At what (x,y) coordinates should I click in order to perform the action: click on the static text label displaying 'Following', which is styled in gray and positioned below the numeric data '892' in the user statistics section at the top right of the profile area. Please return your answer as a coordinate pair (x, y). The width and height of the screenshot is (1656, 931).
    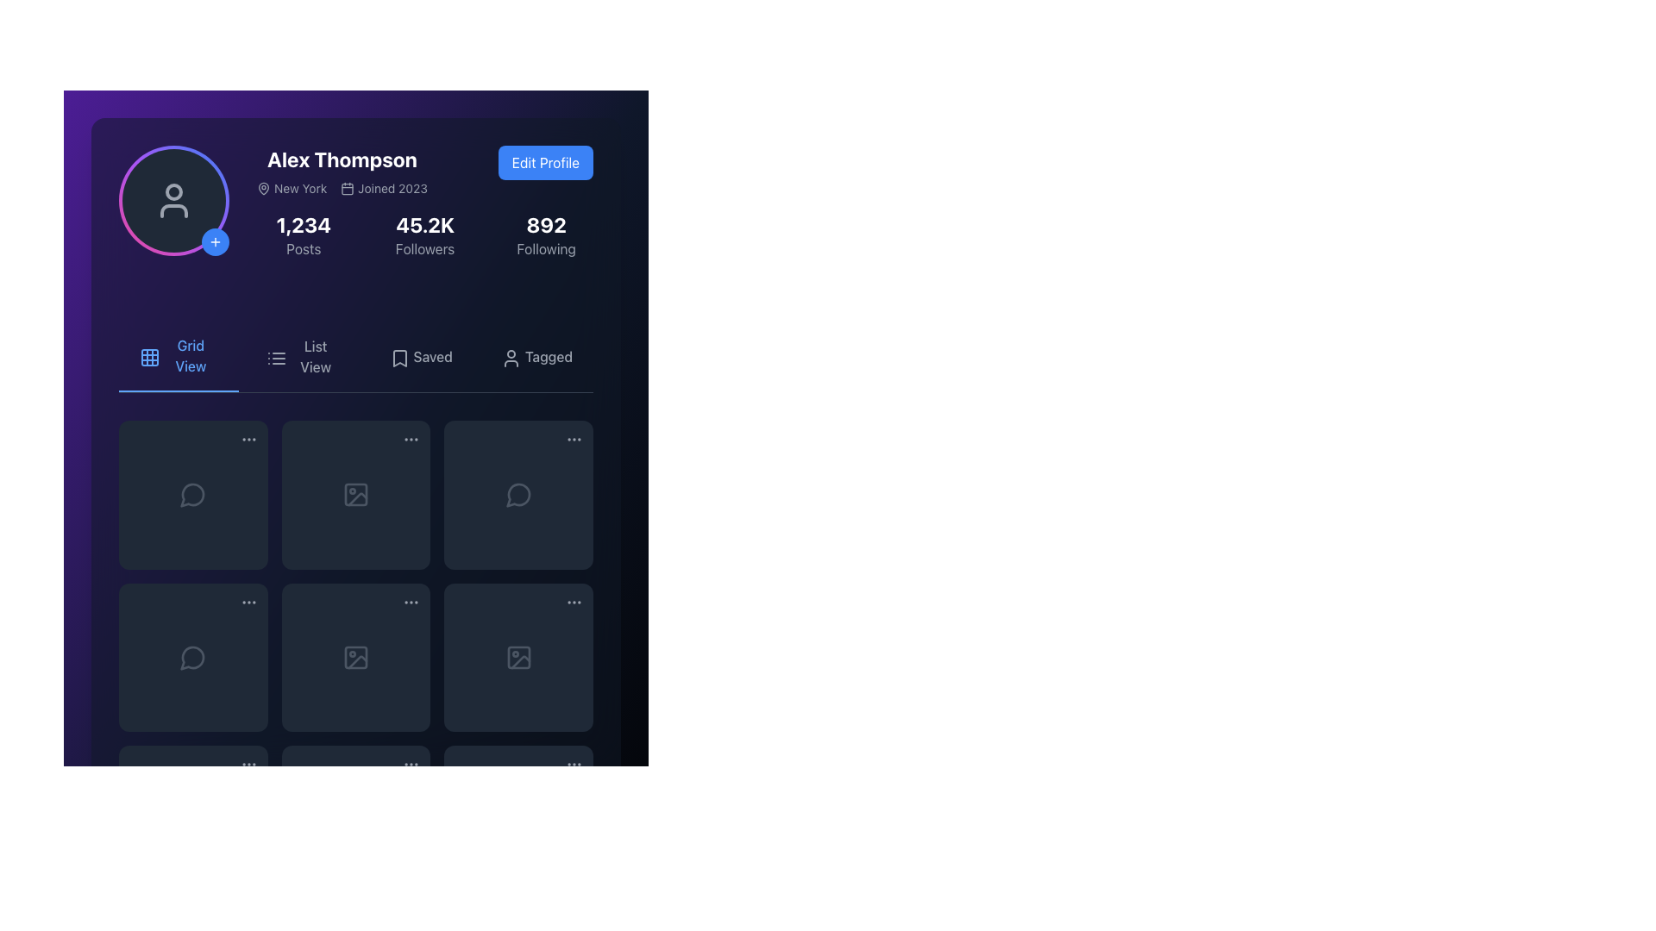
    Looking at the image, I should click on (545, 249).